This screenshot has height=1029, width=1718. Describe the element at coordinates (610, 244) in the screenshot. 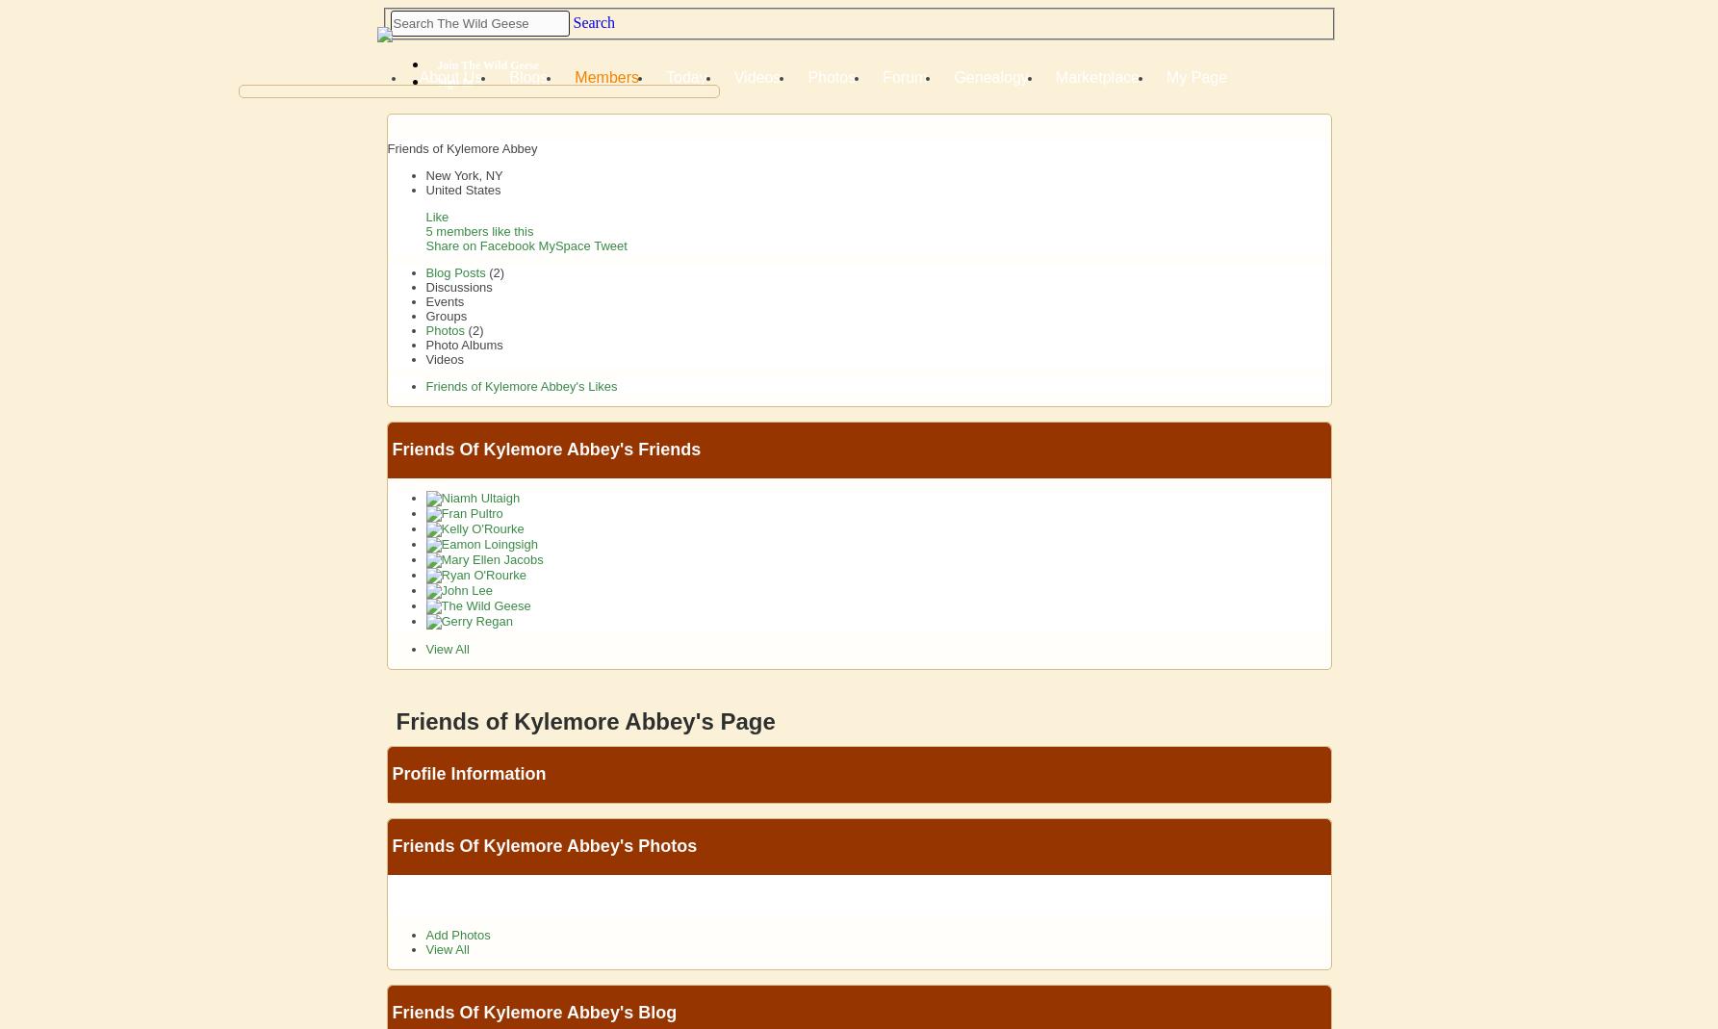

I see `'Tweet'` at that location.